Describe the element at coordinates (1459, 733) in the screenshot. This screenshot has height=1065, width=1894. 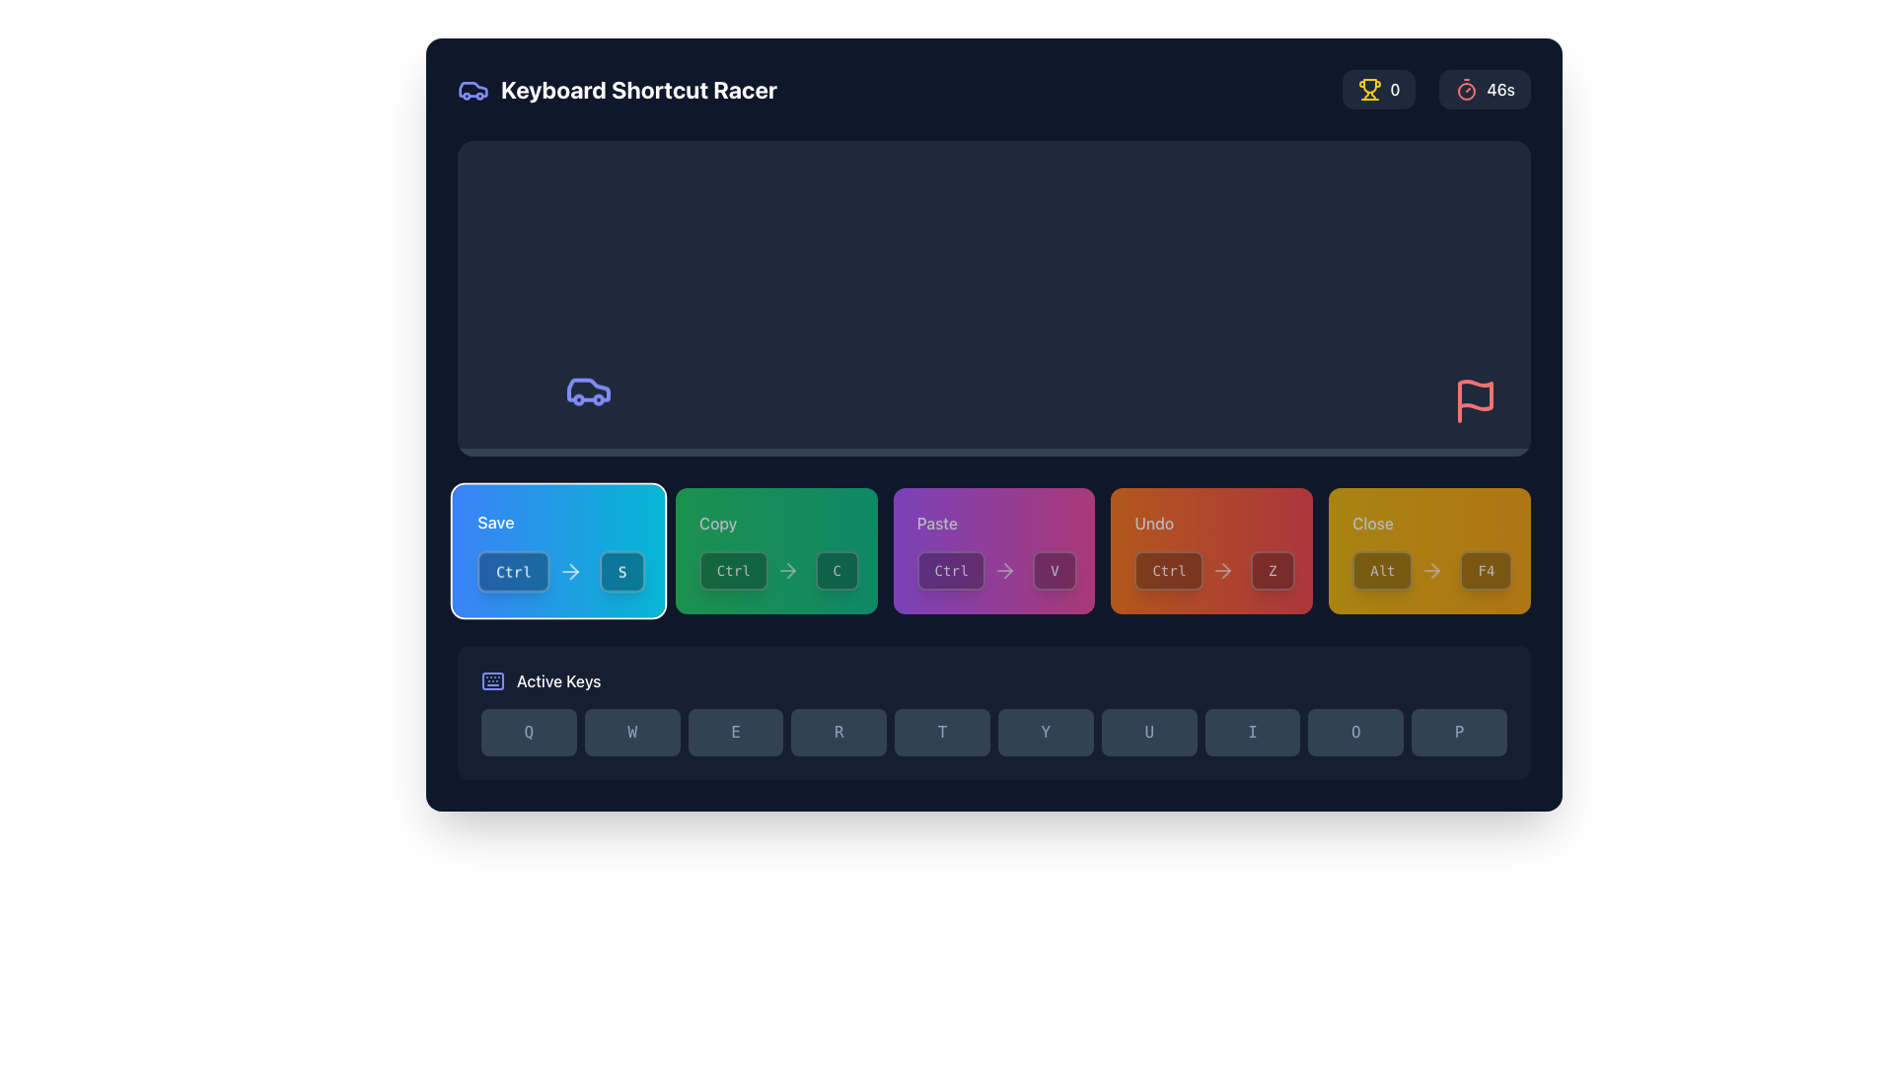
I see `the rectangular button with a rounded outline, dark slate background, and light slate text displaying 'P' located in the bottom-right corner of the row of buttons labeled 'QWERTYUIOP'` at that location.